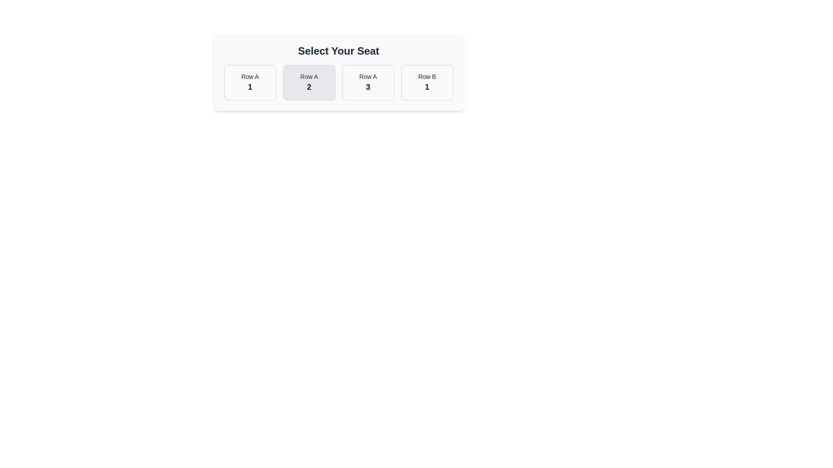 This screenshot has height=468, width=833. What do you see at coordinates (368, 83) in the screenshot?
I see `the 'Row A 3' button, which is a rectangular button with 'Row A' and '3' text, positioned in a grid layout under the 'Select Your Seat' heading` at bounding box center [368, 83].